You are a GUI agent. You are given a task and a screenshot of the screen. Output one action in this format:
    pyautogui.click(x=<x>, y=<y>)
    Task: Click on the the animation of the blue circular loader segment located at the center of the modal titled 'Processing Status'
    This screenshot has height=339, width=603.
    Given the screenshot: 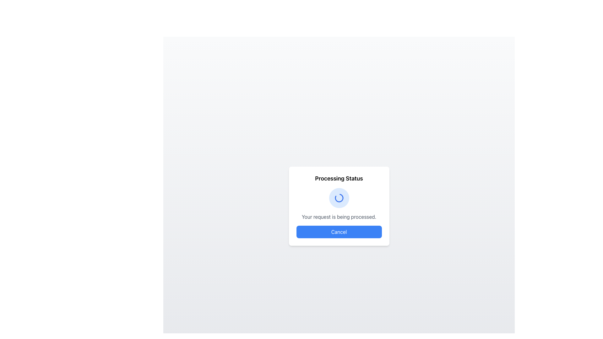 What is the action you would take?
    pyautogui.click(x=339, y=198)
    